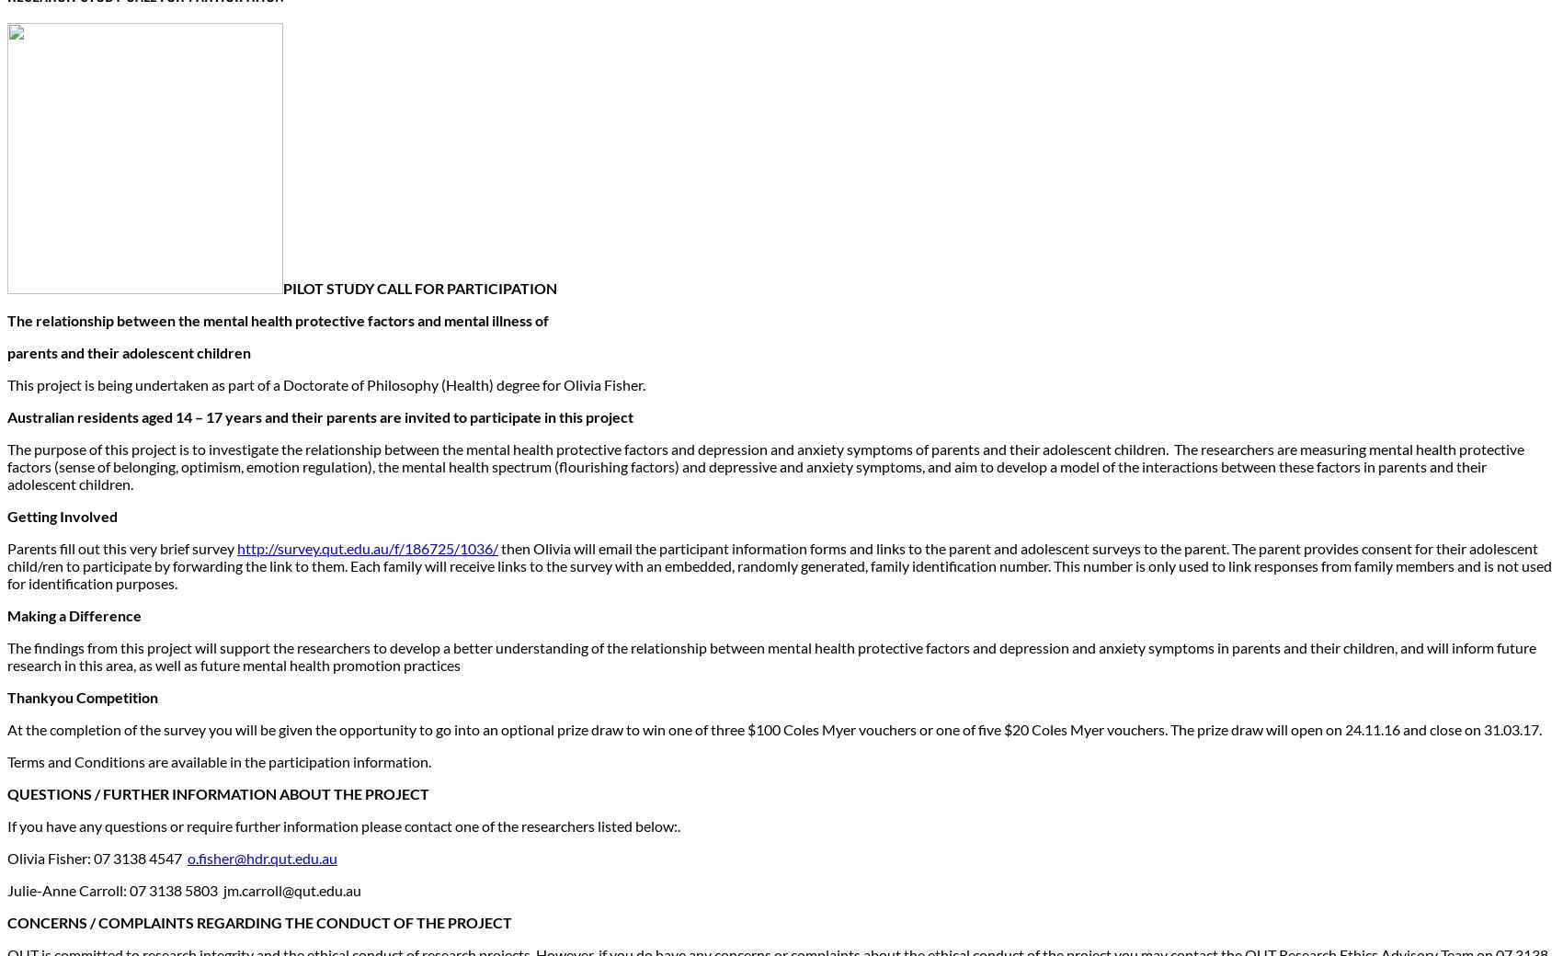  What do you see at coordinates (262, 858) in the screenshot?
I see `'o.fisher@hdr.qut.edu.au'` at bounding box center [262, 858].